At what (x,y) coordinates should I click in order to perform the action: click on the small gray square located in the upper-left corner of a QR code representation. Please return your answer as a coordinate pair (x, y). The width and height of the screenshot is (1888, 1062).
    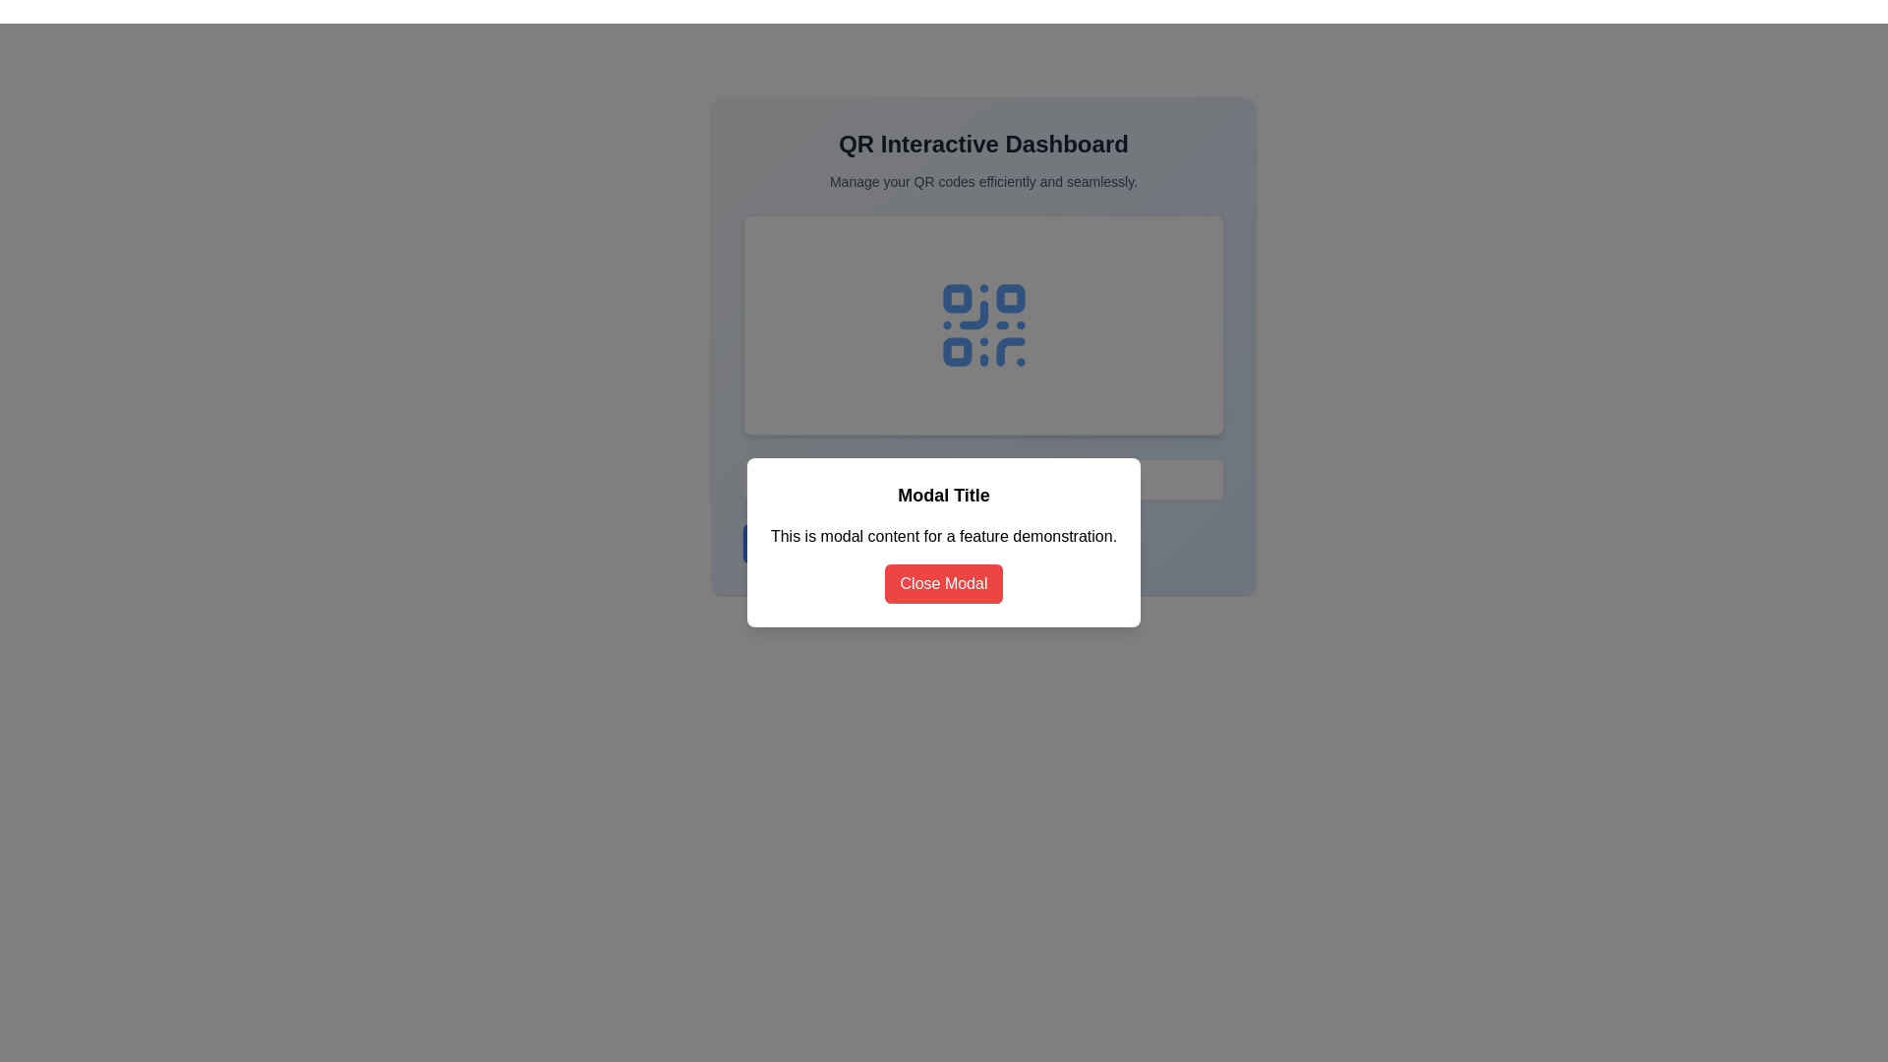
    Looking at the image, I should click on (957, 298).